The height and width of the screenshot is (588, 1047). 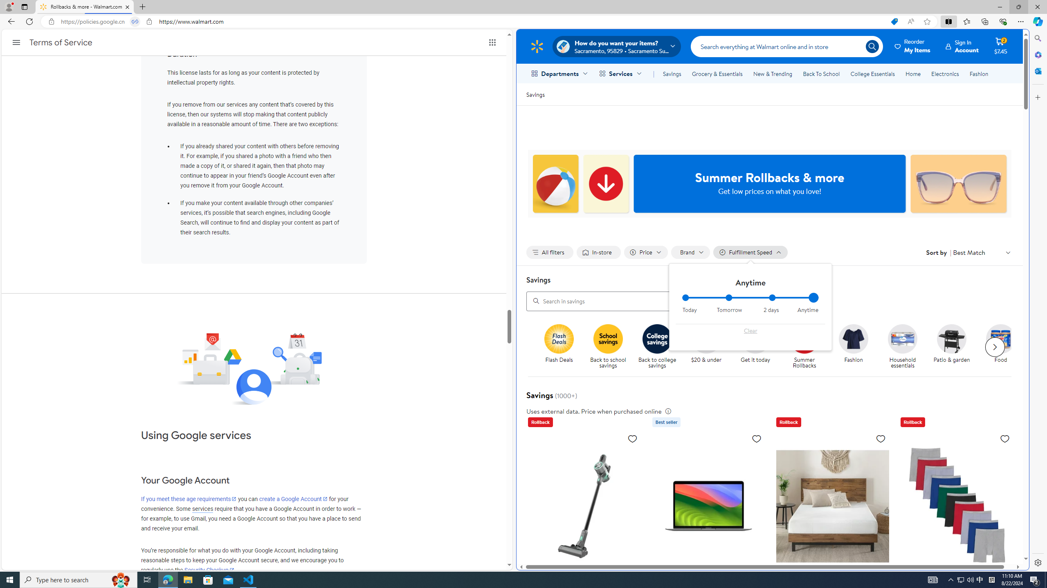 What do you see at coordinates (667, 411) in the screenshot?
I see `'legal information'` at bounding box center [667, 411].